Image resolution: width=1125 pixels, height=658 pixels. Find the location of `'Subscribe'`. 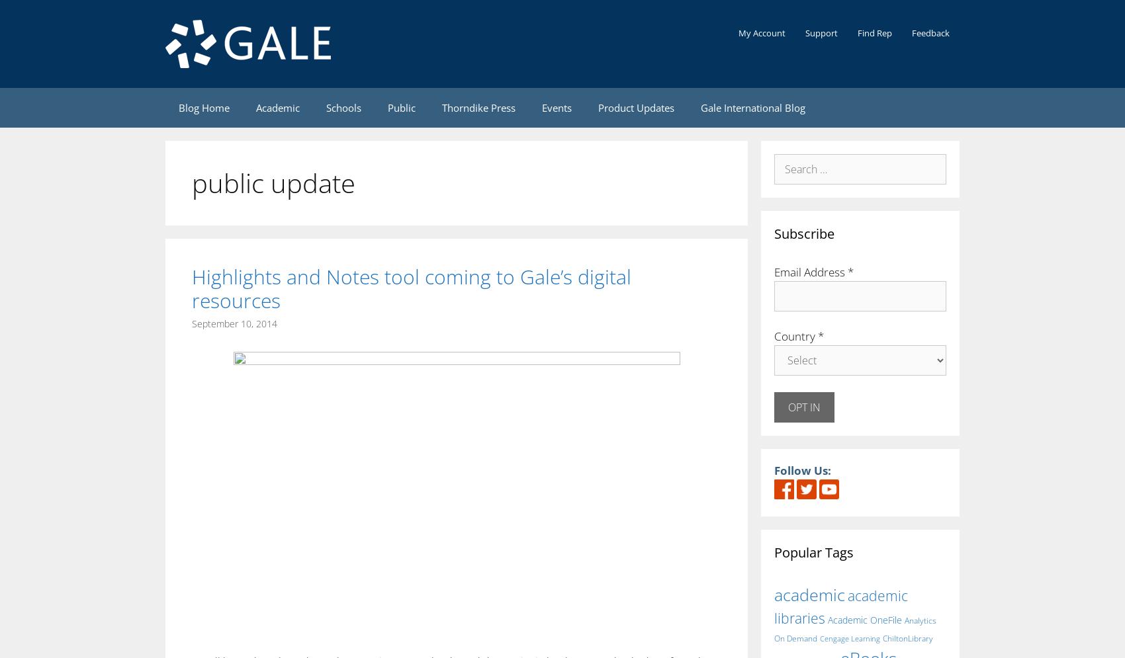

'Subscribe' is located at coordinates (774, 233).